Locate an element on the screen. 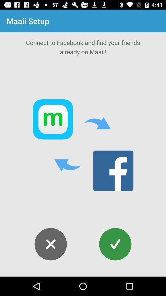  the check icon is located at coordinates (115, 244).